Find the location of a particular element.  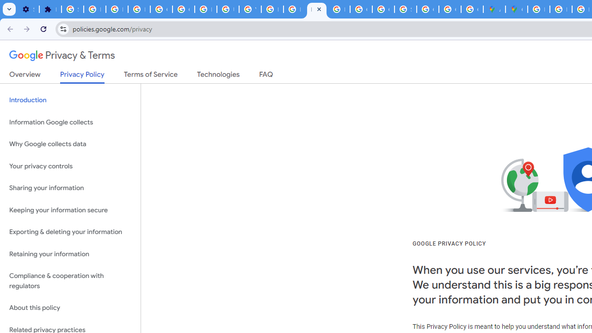

'Your privacy controls' is located at coordinates (70, 166).